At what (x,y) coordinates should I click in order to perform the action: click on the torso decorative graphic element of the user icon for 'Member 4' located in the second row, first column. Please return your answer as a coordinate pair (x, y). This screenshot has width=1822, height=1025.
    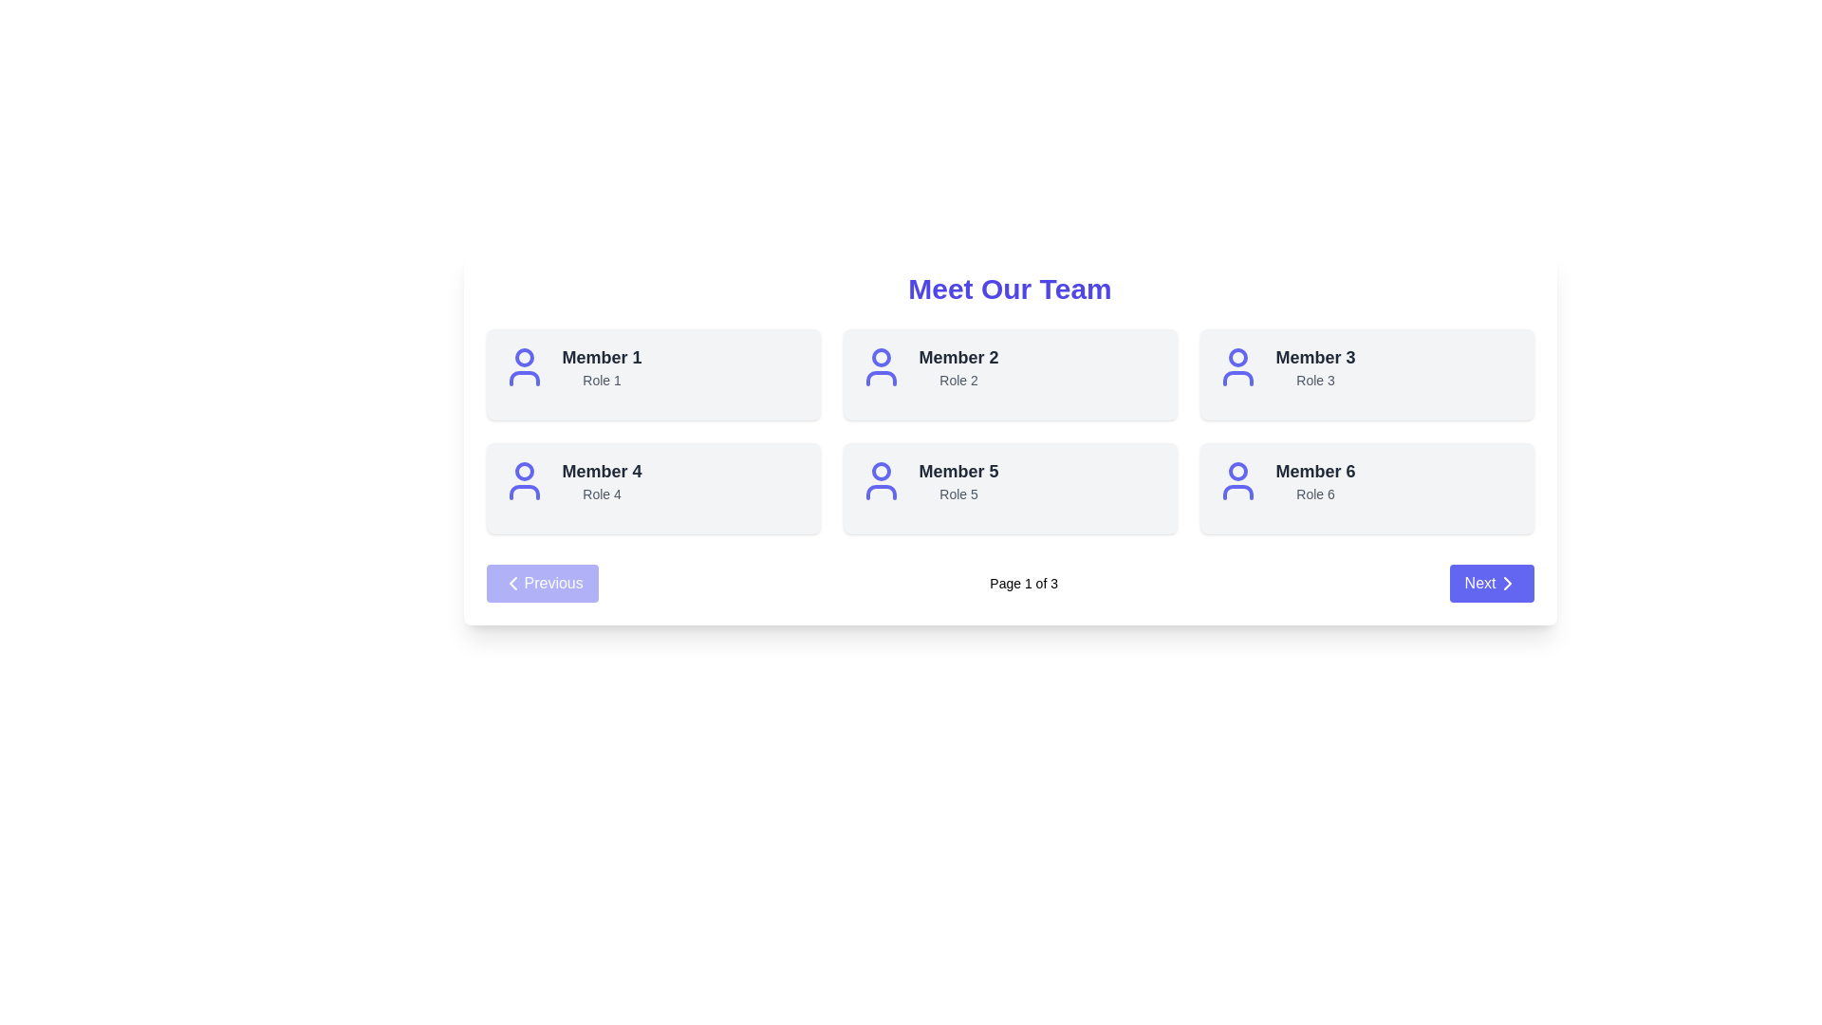
    Looking at the image, I should click on (524, 492).